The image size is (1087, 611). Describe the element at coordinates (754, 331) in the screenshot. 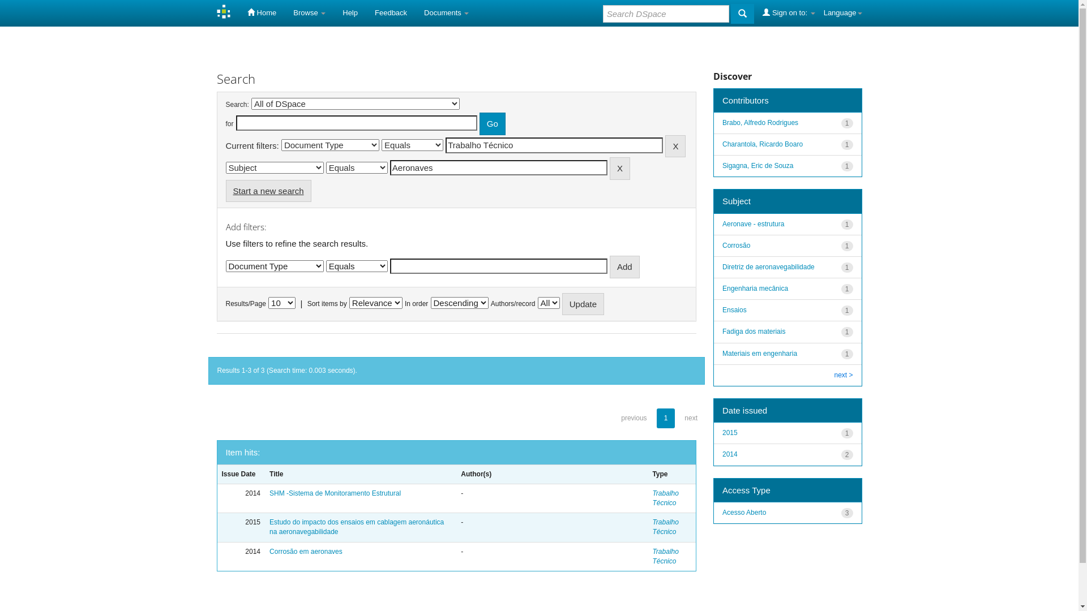

I see `'Fadiga dos materiais'` at that location.